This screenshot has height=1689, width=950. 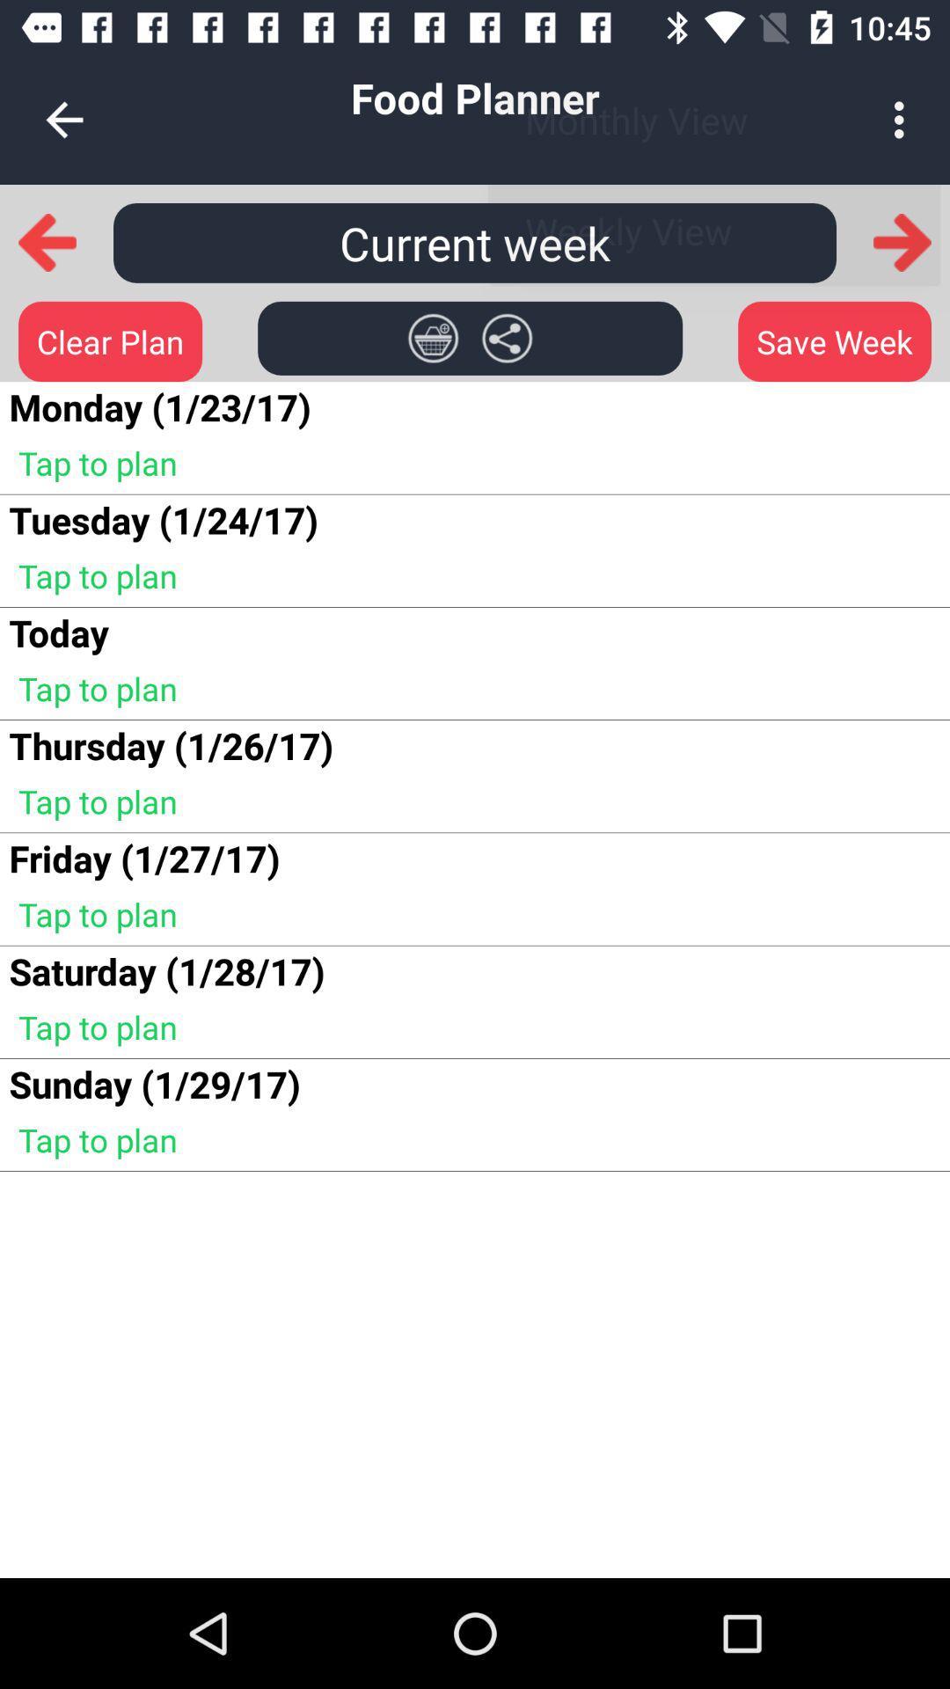 What do you see at coordinates (902, 241) in the screenshot?
I see `the next page` at bounding box center [902, 241].